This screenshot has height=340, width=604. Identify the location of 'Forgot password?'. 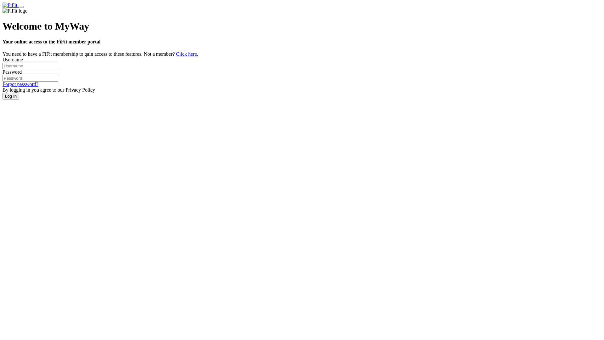
(20, 84).